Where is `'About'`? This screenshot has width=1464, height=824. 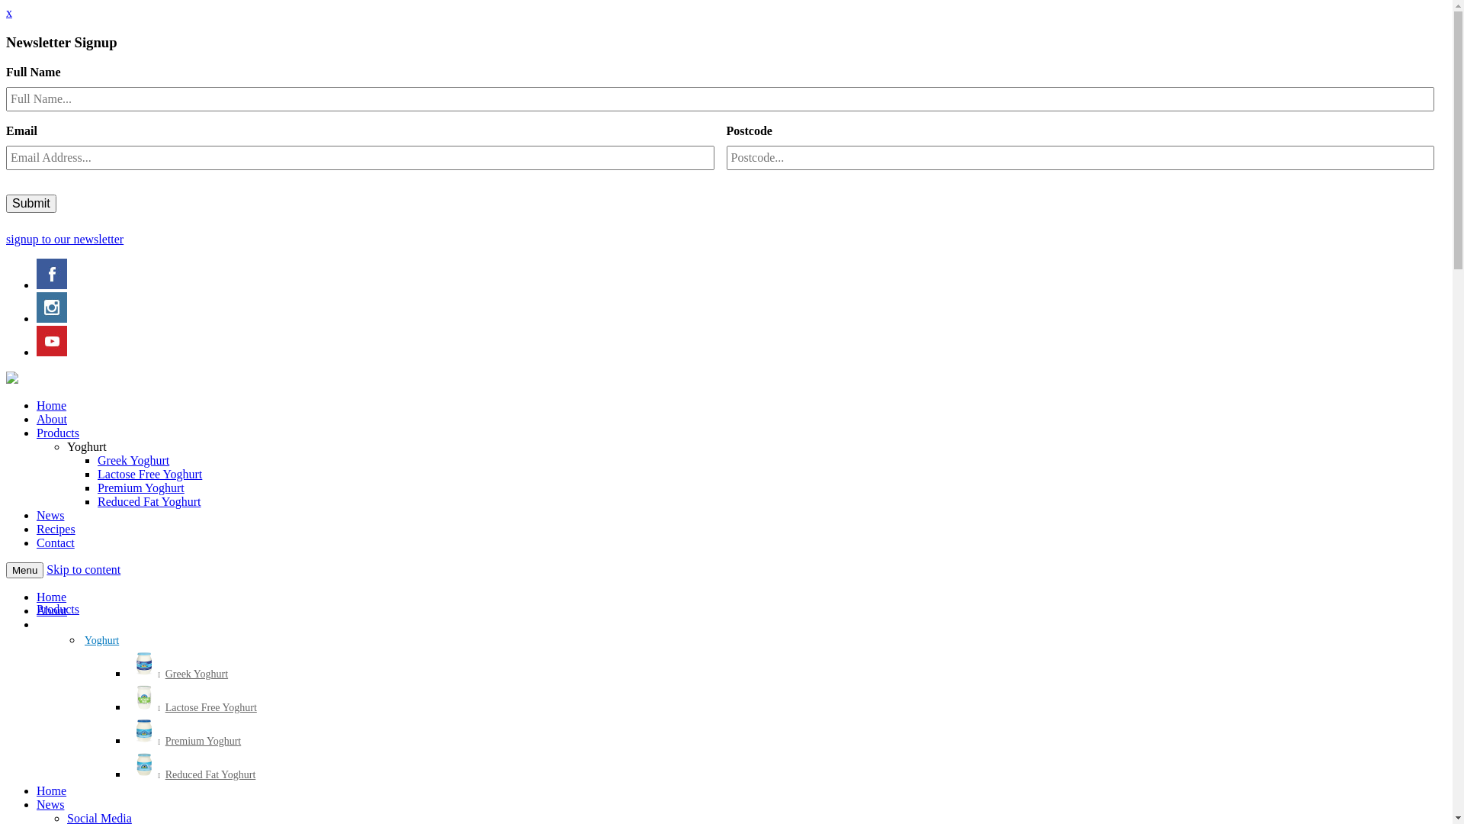
'About' is located at coordinates (51, 610).